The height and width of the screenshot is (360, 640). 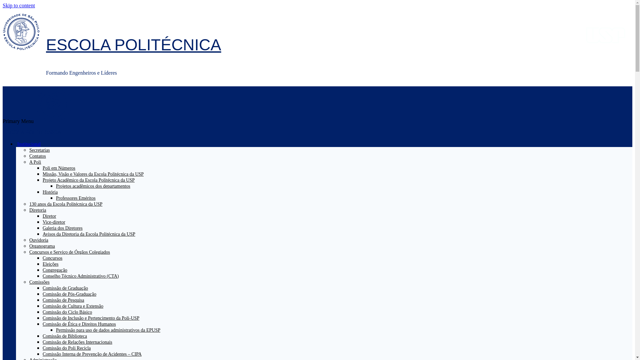 What do you see at coordinates (42, 246) in the screenshot?
I see `'Organograma'` at bounding box center [42, 246].